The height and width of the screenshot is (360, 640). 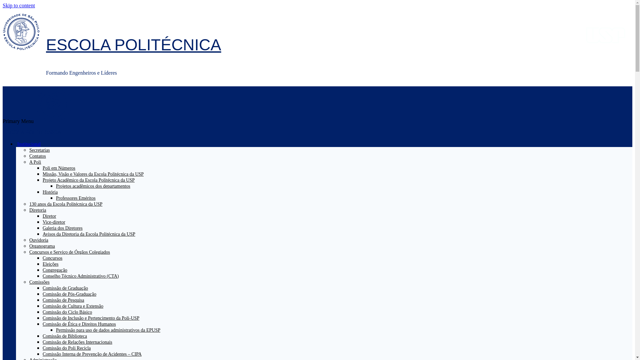 What do you see at coordinates (42, 246) in the screenshot?
I see `'Organograma'` at bounding box center [42, 246].